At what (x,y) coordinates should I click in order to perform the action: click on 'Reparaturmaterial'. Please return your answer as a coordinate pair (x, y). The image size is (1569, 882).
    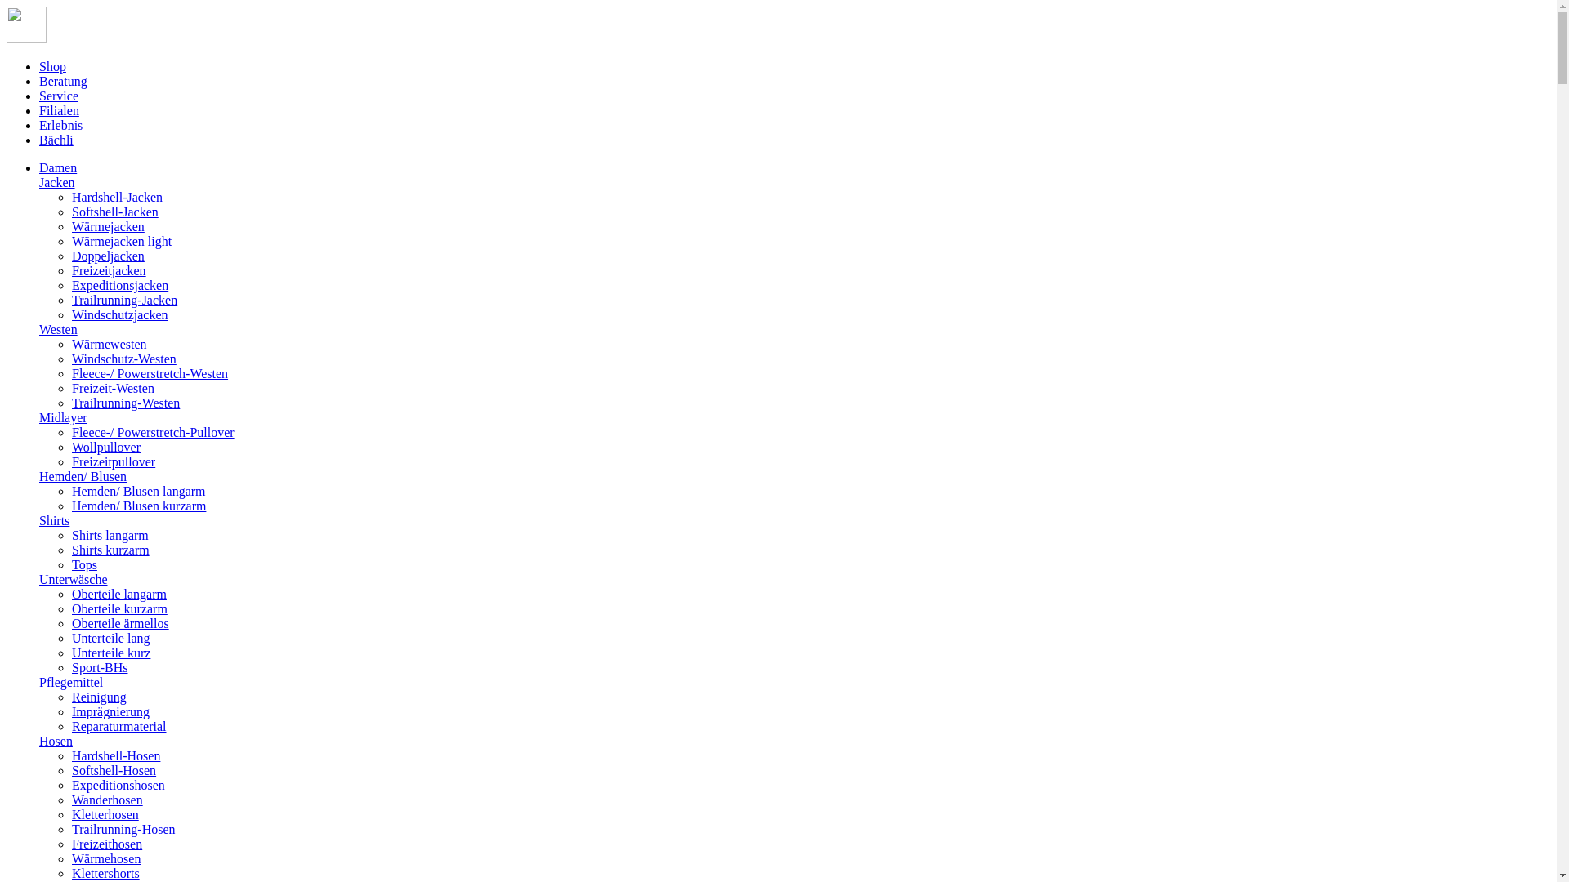
    Looking at the image, I should click on (118, 725).